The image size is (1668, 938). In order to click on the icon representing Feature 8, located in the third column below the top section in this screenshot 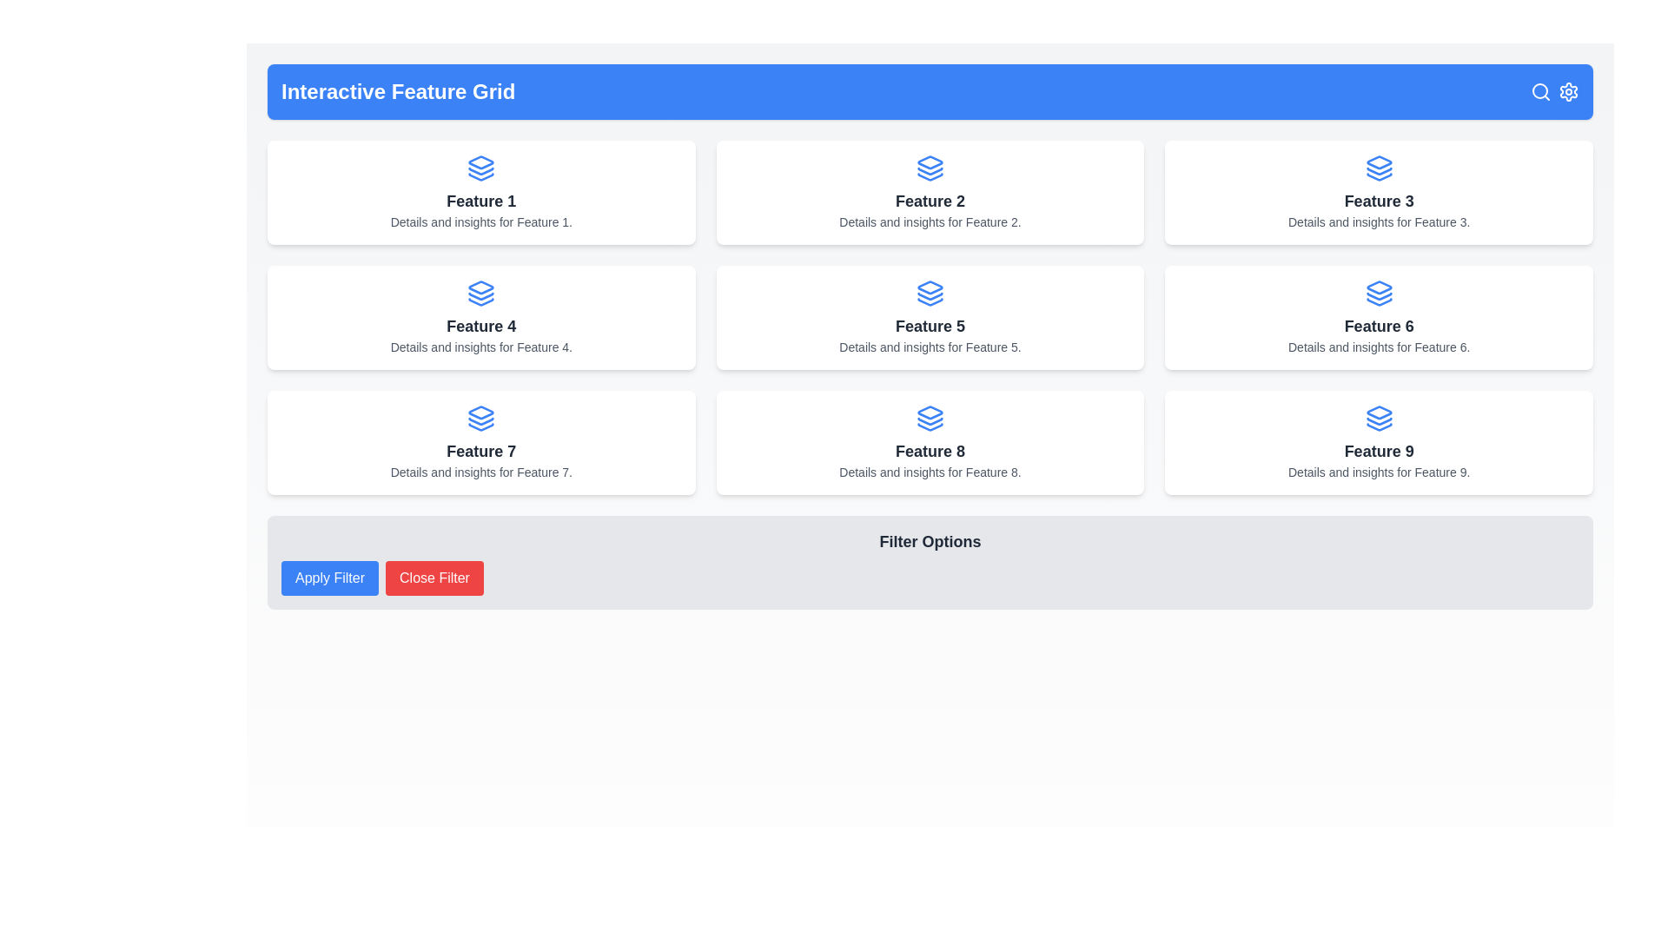, I will do `click(929, 413)`.